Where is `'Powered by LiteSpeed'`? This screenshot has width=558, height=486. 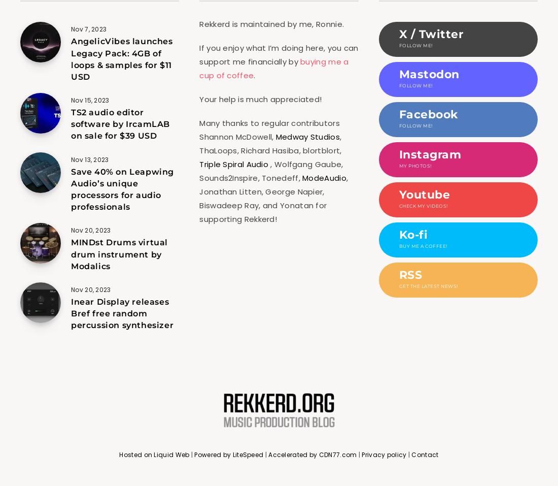
'Powered by LiteSpeed' is located at coordinates (228, 455).